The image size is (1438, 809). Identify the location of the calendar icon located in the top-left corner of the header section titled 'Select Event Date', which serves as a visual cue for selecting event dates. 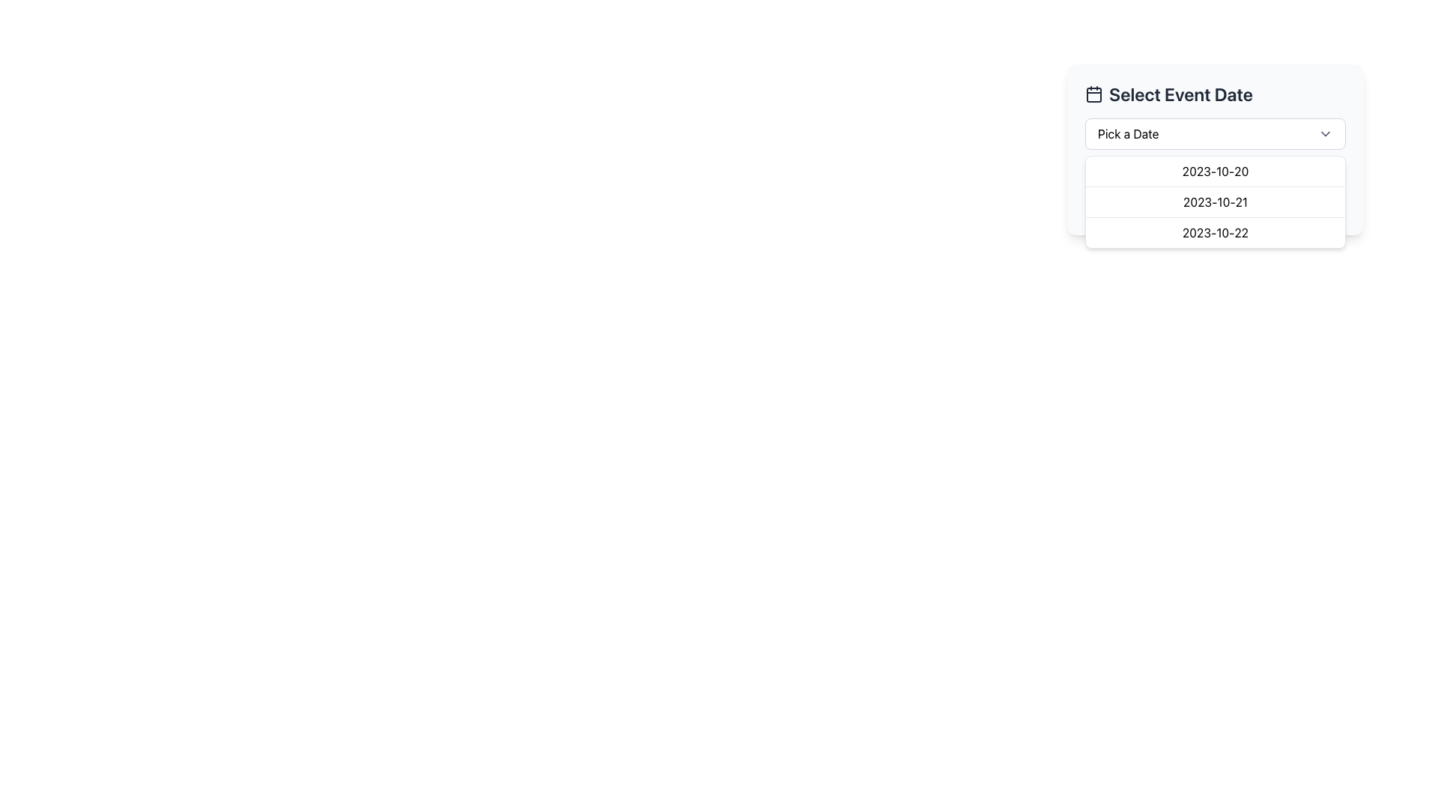
(1093, 94).